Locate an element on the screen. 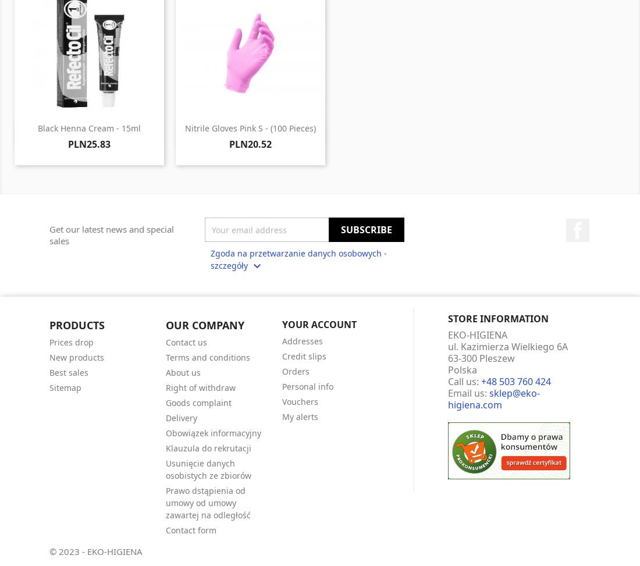 The height and width of the screenshot is (566, 640). 'Sitemap' is located at coordinates (65, 386).